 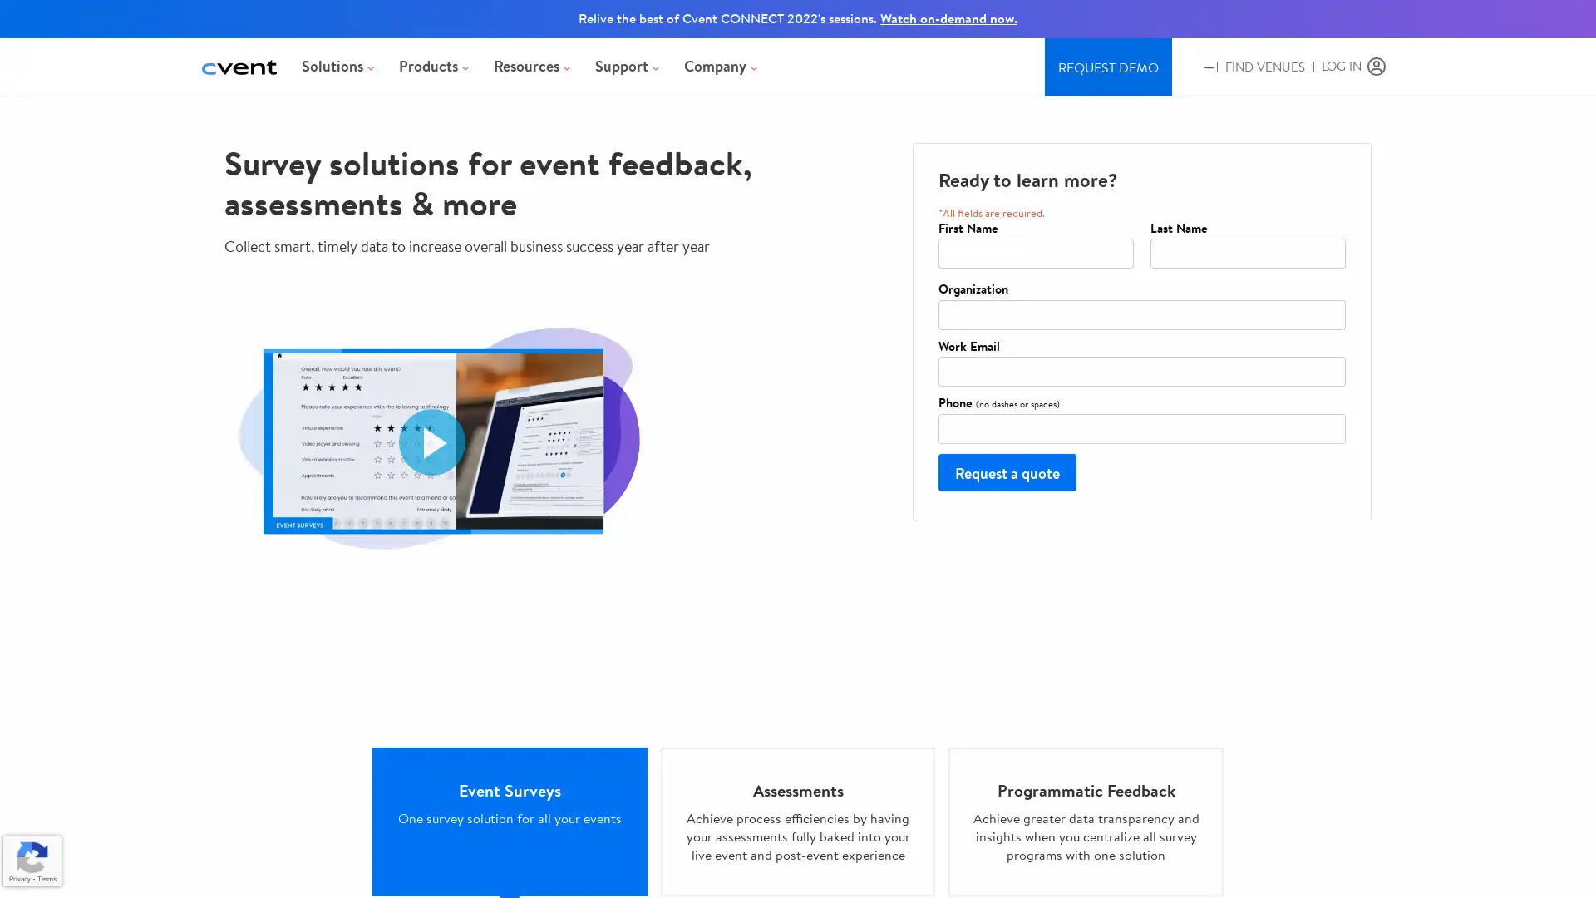 What do you see at coordinates (431, 441) in the screenshot?
I see `Play video Survey Solutions. Opens in a modal` at bounding box center [431, 441].